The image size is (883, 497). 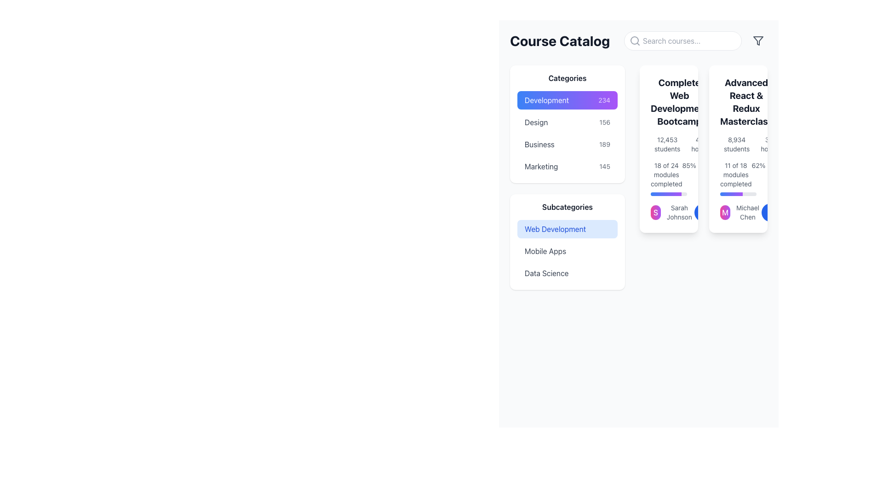 What do you see at coordinates (567, 167) in the screenshot?
I see `the 'Marketing' button displaying '145'` at bounding box center [567, 167].